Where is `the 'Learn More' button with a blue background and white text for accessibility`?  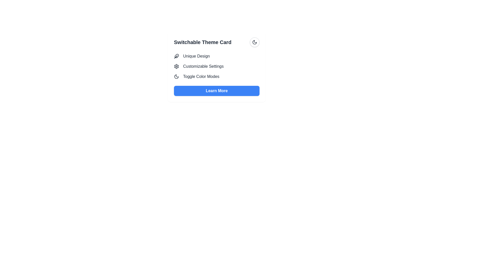
the 'Learn More' button with a blue background and white text for accessibility is located at coordinates (216, 91).